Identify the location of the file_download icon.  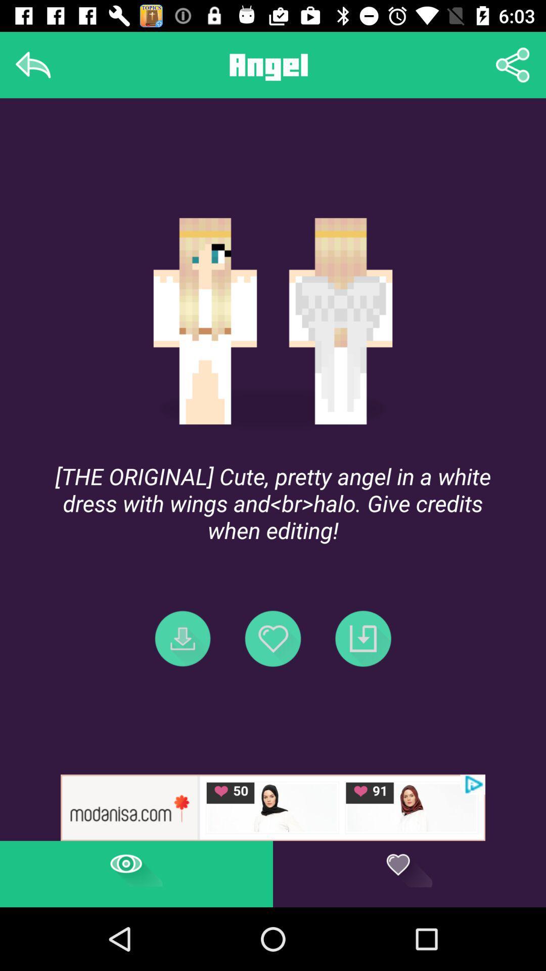
(183, 638).